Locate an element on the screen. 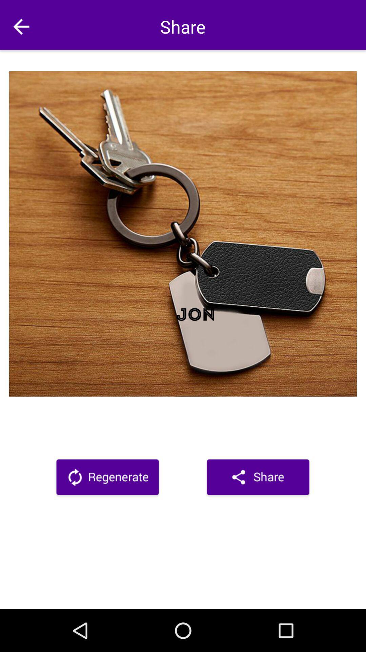 The width and height of the screenshot is (366, 652). share is located at coordinates (258, 478).